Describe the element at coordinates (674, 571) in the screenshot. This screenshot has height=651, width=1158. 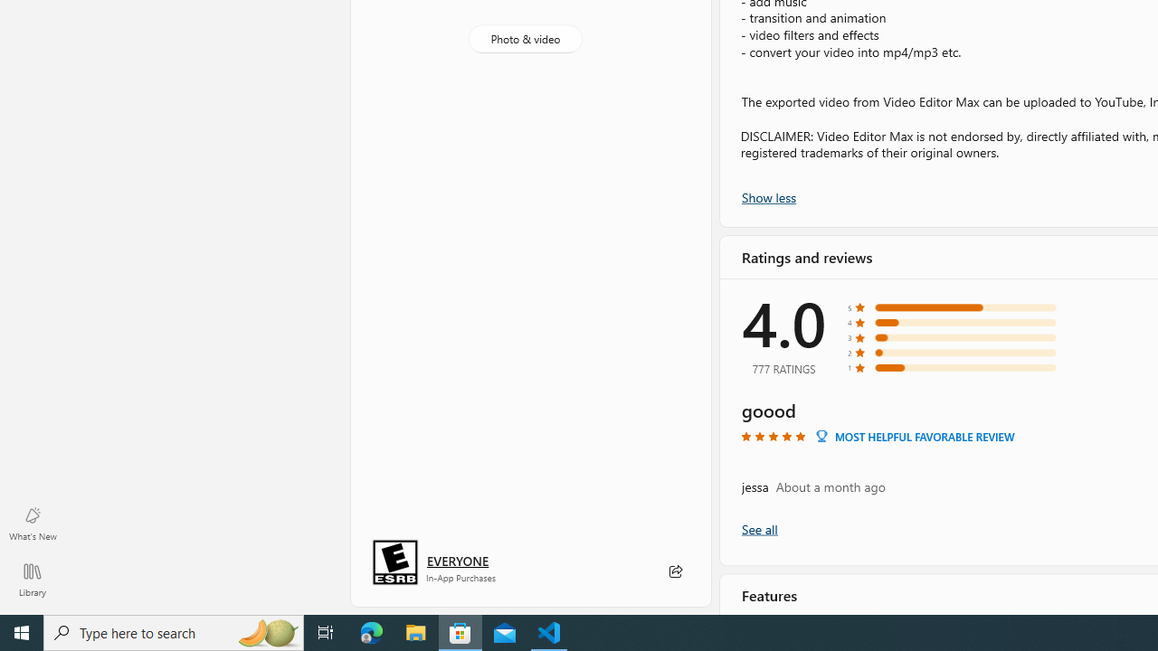
I see `'Share'` at that location.